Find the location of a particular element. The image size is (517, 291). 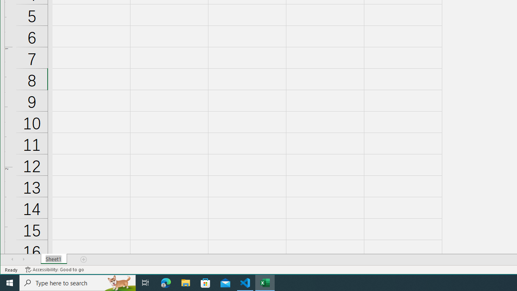

'Task View' is located at coordinates (145, 282).